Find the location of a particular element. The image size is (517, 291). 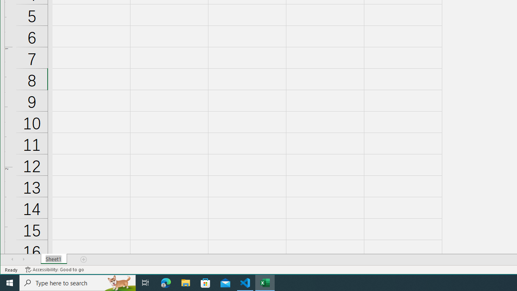

'Task View' is located at coordinates (145, 282).